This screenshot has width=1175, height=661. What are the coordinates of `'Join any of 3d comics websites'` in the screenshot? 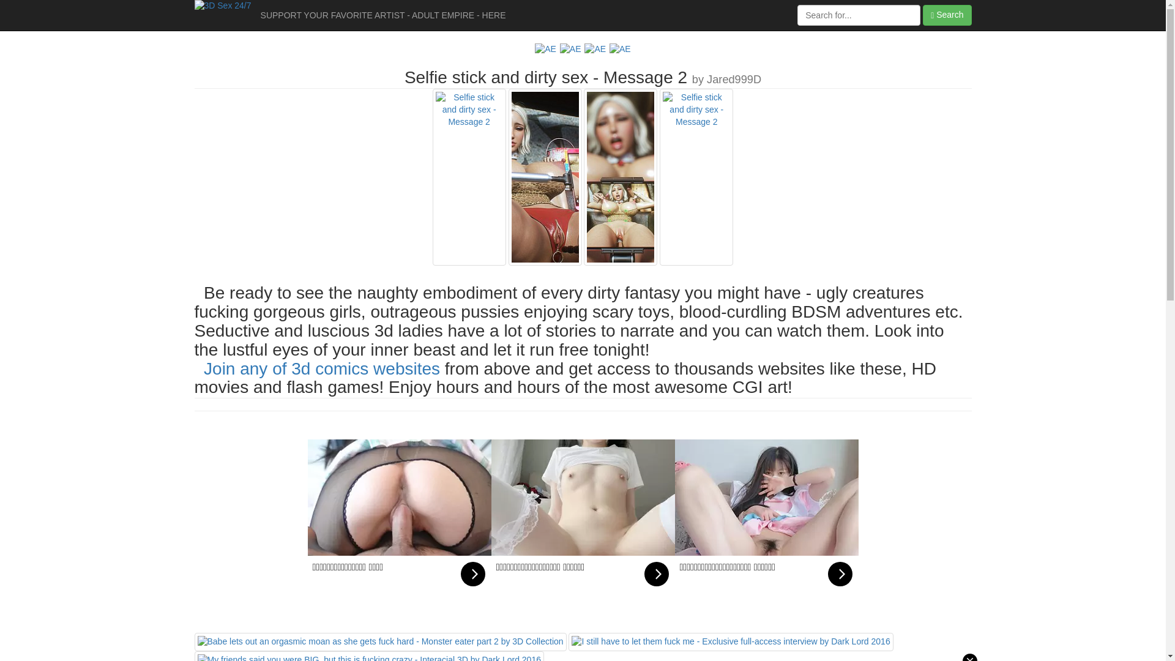 It's located at (322, 368).